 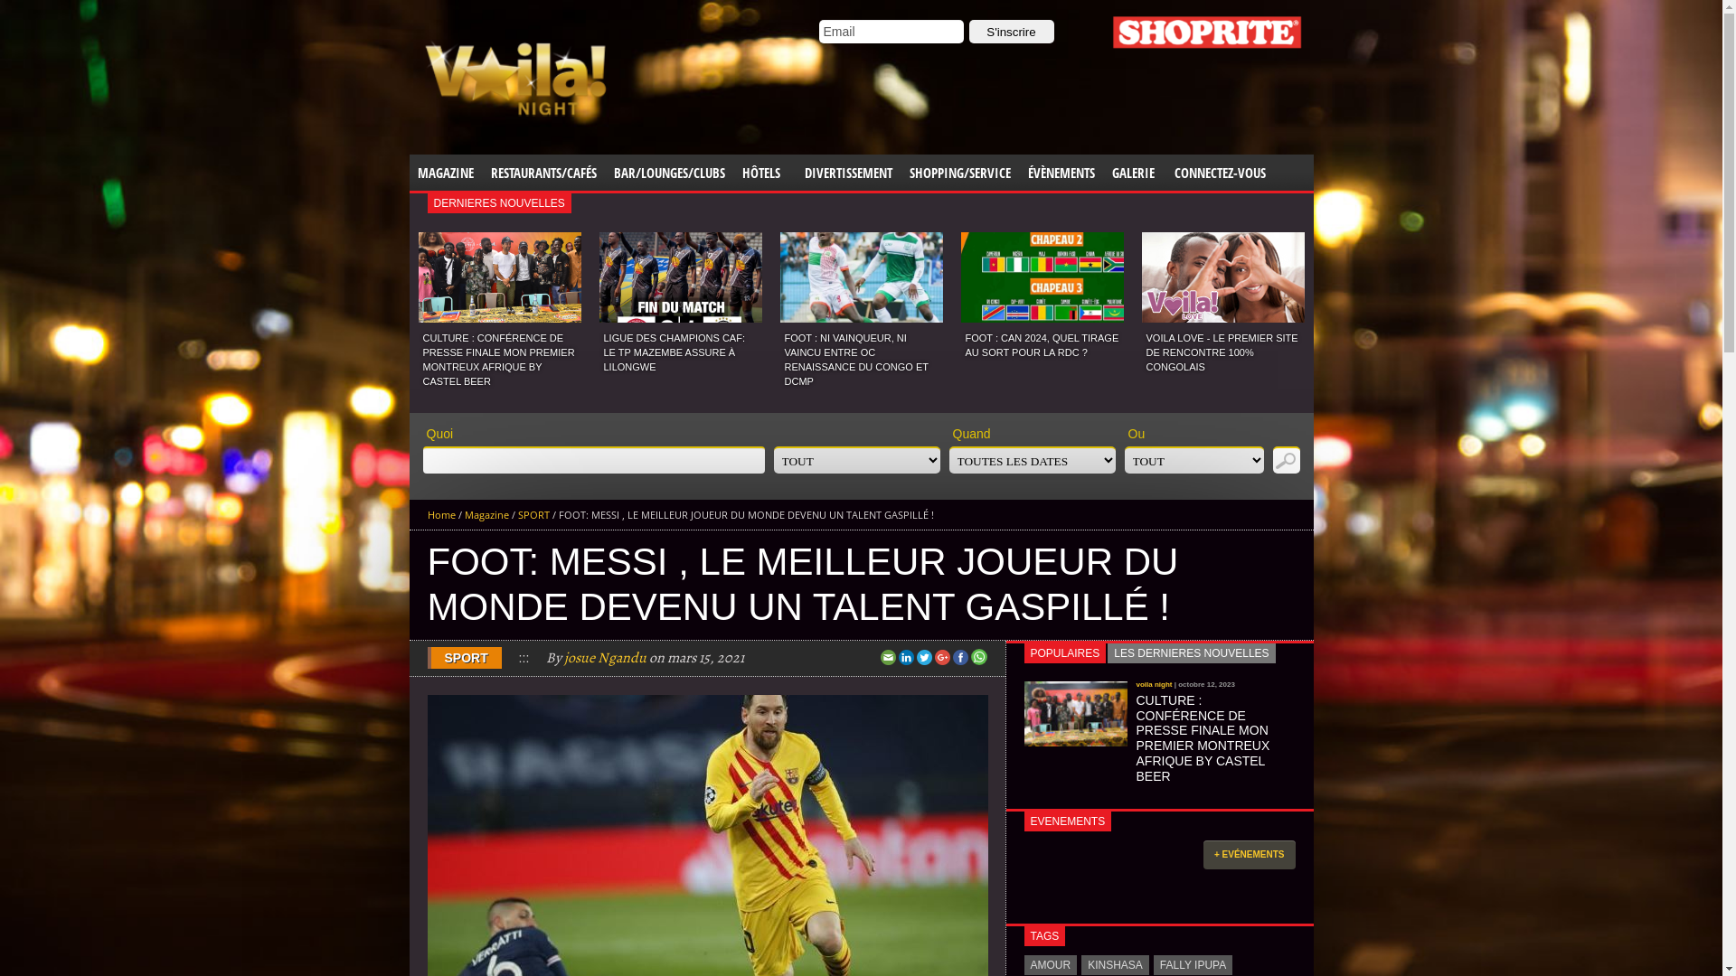 I want to click on 'Facebook', so click(x=961, y=657).